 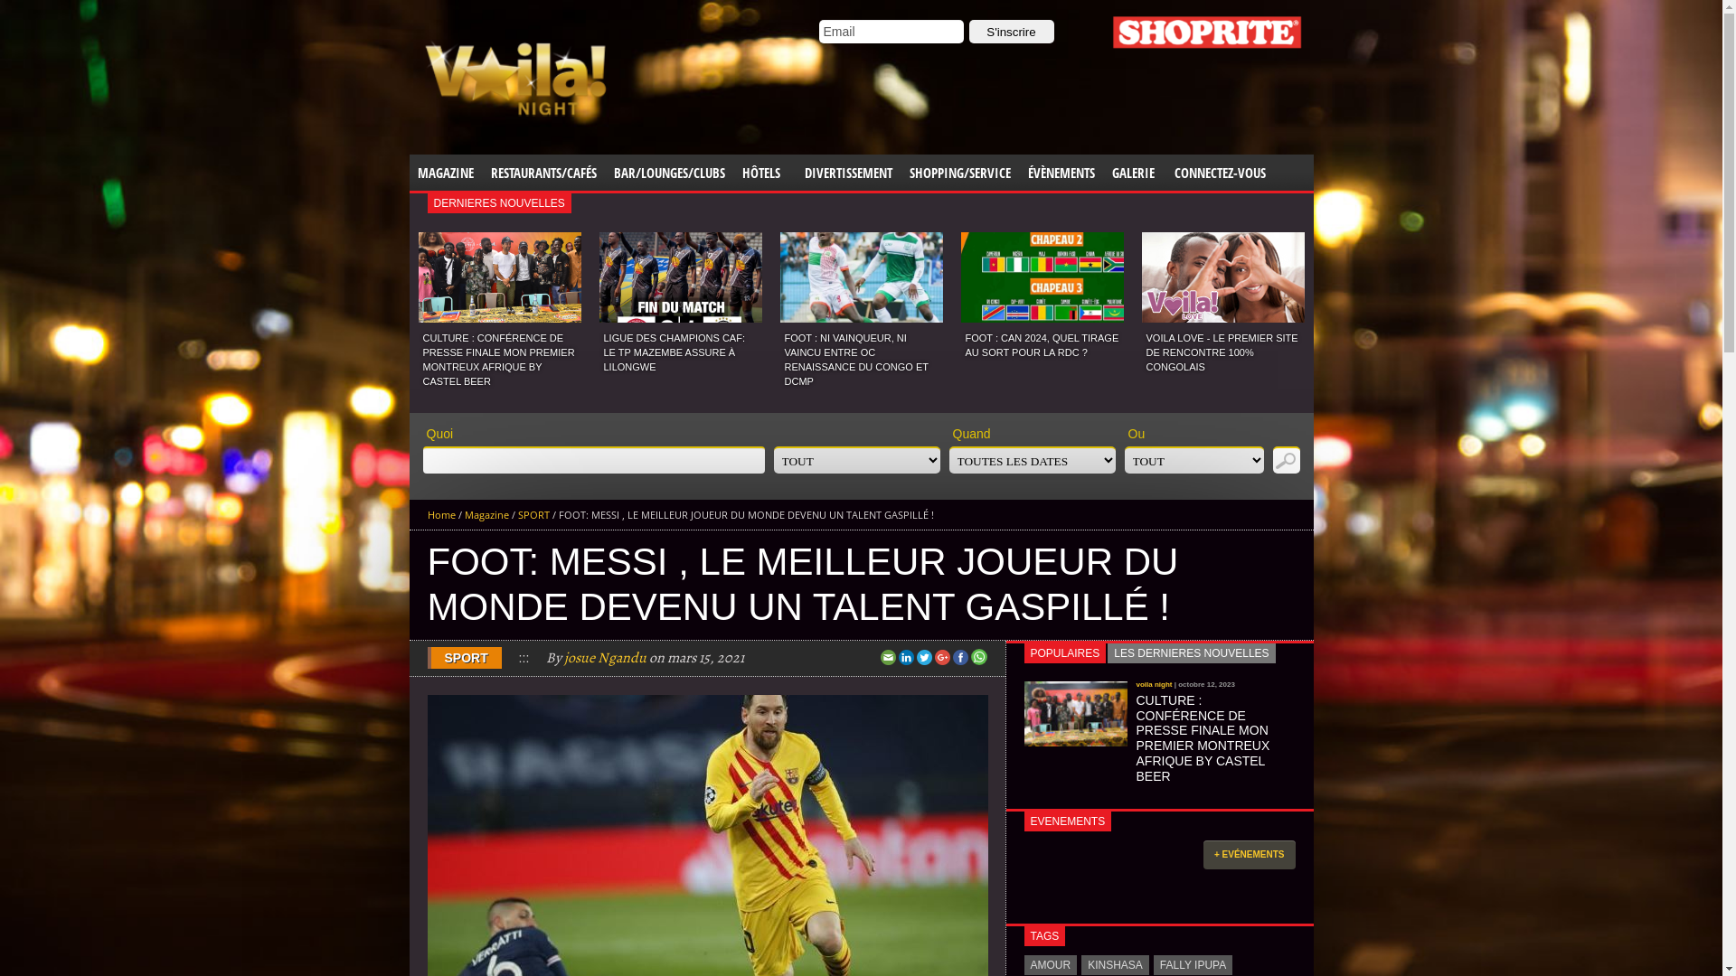 I want to click on 'Facebook', so click(x=961, y=657).